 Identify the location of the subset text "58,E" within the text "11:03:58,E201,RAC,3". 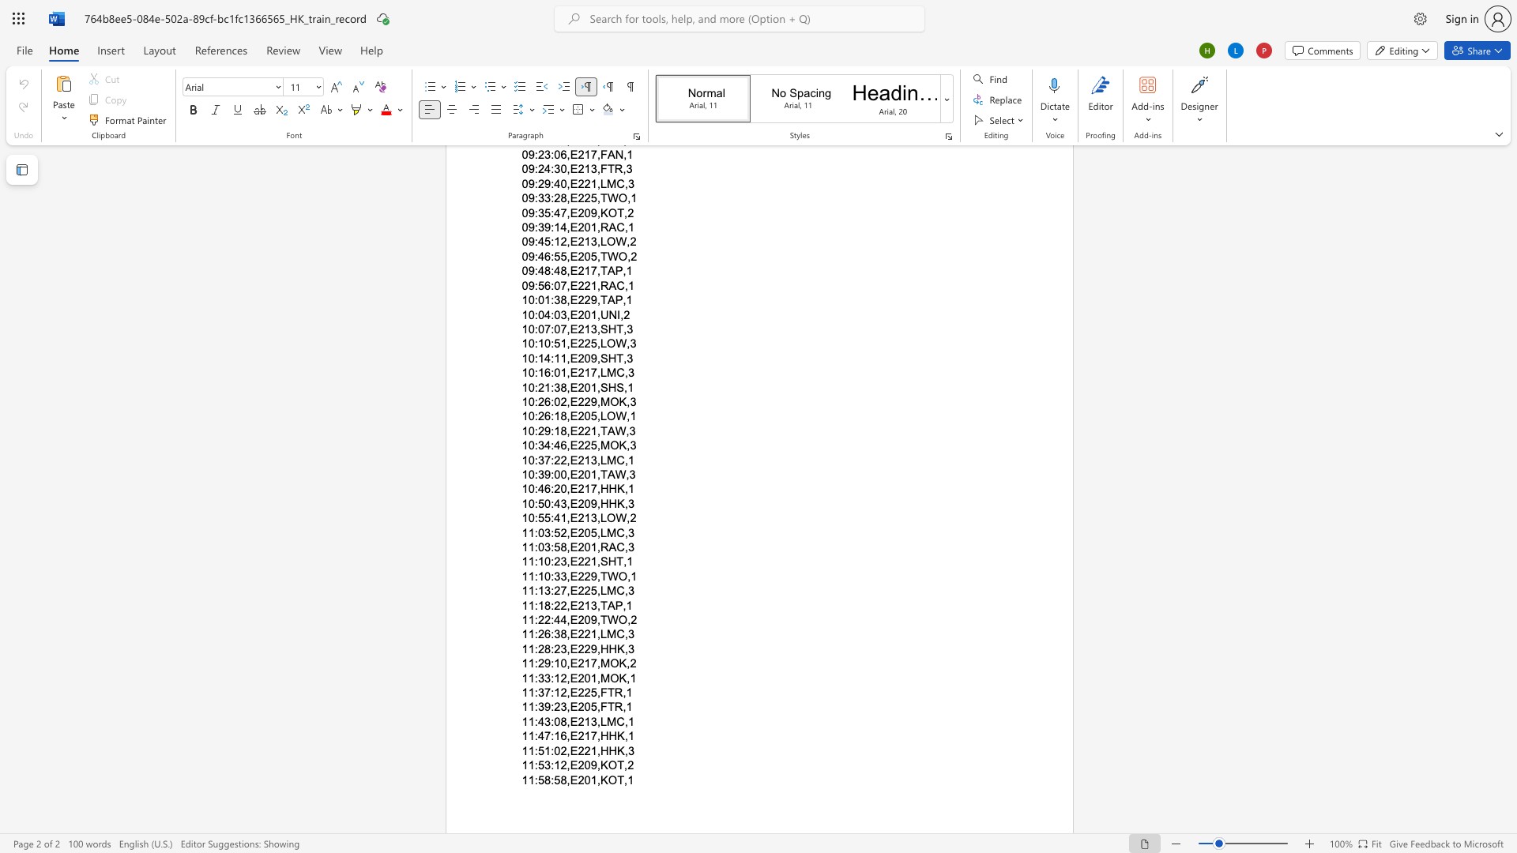
(554, 547).